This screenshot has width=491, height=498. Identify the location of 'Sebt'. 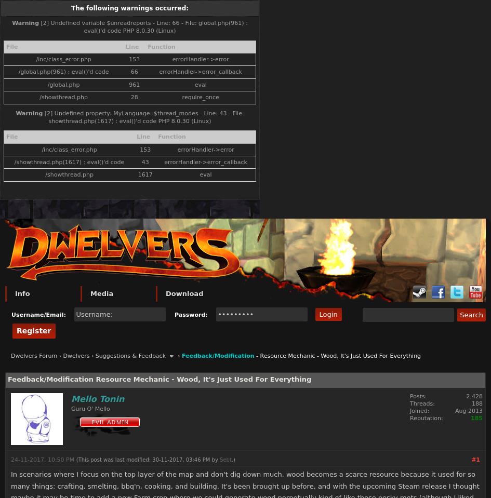
(225, 459).